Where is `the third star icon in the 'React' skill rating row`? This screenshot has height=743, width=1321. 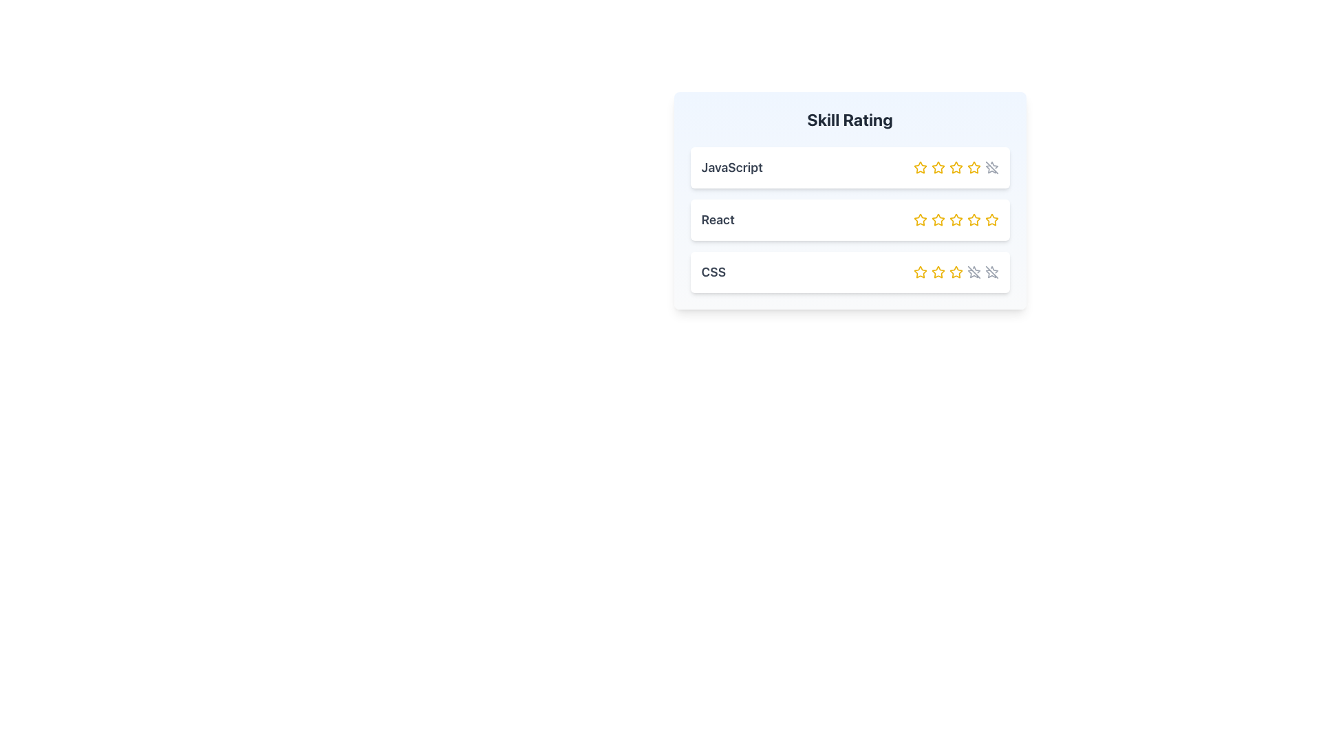 the third star icon in the 'React' skill rating row is located at coordinates (973, 219).